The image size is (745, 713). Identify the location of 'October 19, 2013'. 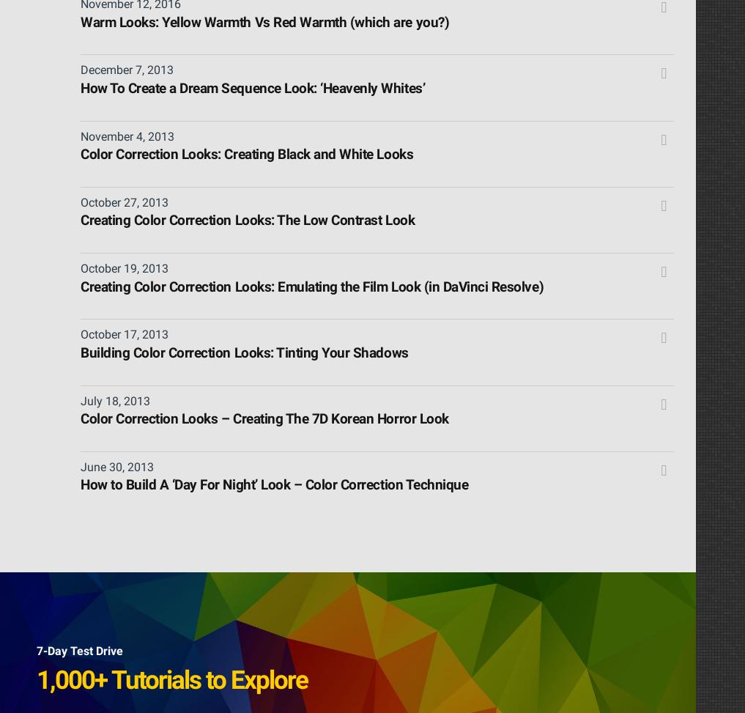
(125, 267).